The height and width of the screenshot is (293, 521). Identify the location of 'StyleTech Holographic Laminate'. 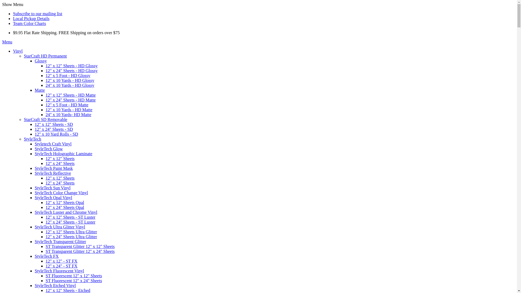
(34, 154).